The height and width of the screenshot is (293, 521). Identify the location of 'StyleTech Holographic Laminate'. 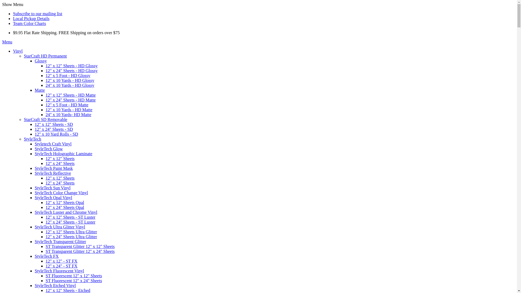
(34, 154).